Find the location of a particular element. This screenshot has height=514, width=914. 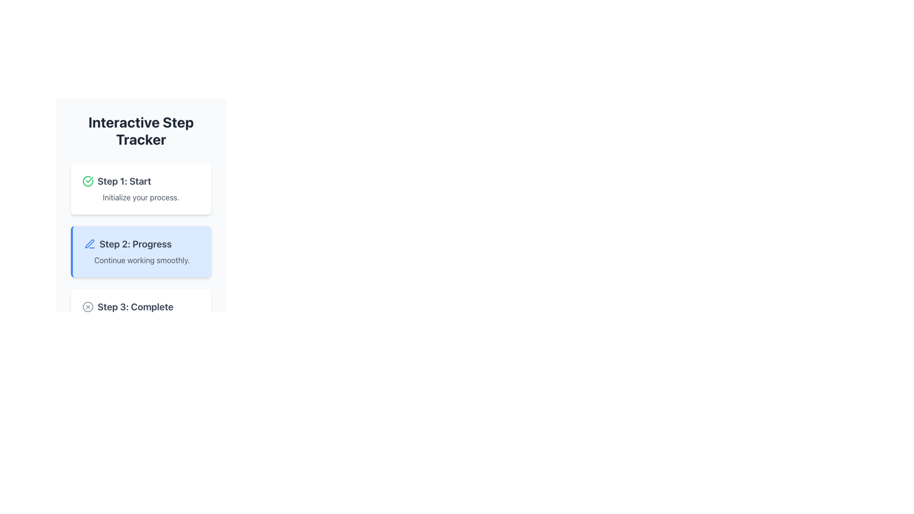

the supportive text label providing guidance for 'Step 2: Progress', located below the main header of the same step is located at coordinates (141, 260).